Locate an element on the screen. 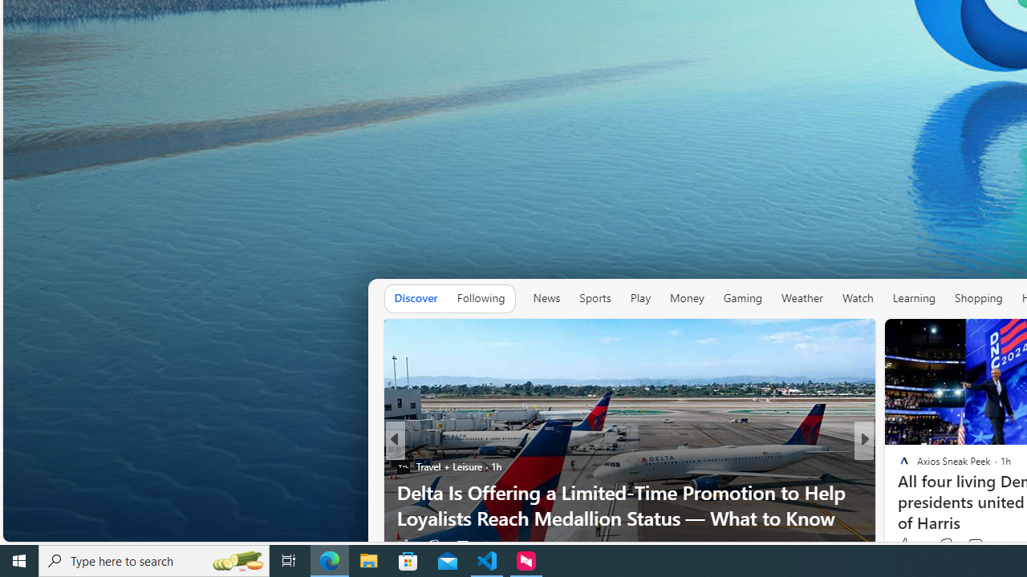 This screenshot has height=577, width=1027. 'Reader' is located at coordinates (896, 466).